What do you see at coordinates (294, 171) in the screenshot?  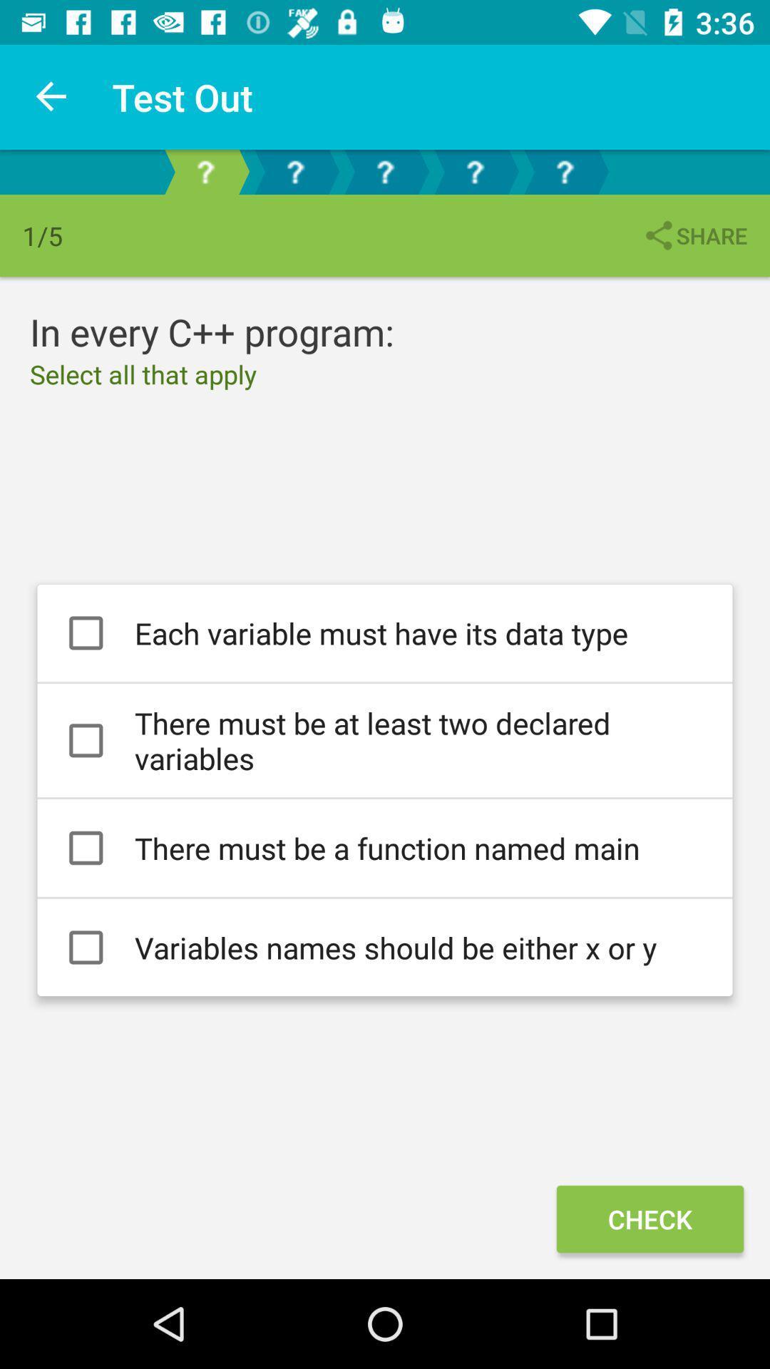 I see `next question` at bounding box center [294, 171].